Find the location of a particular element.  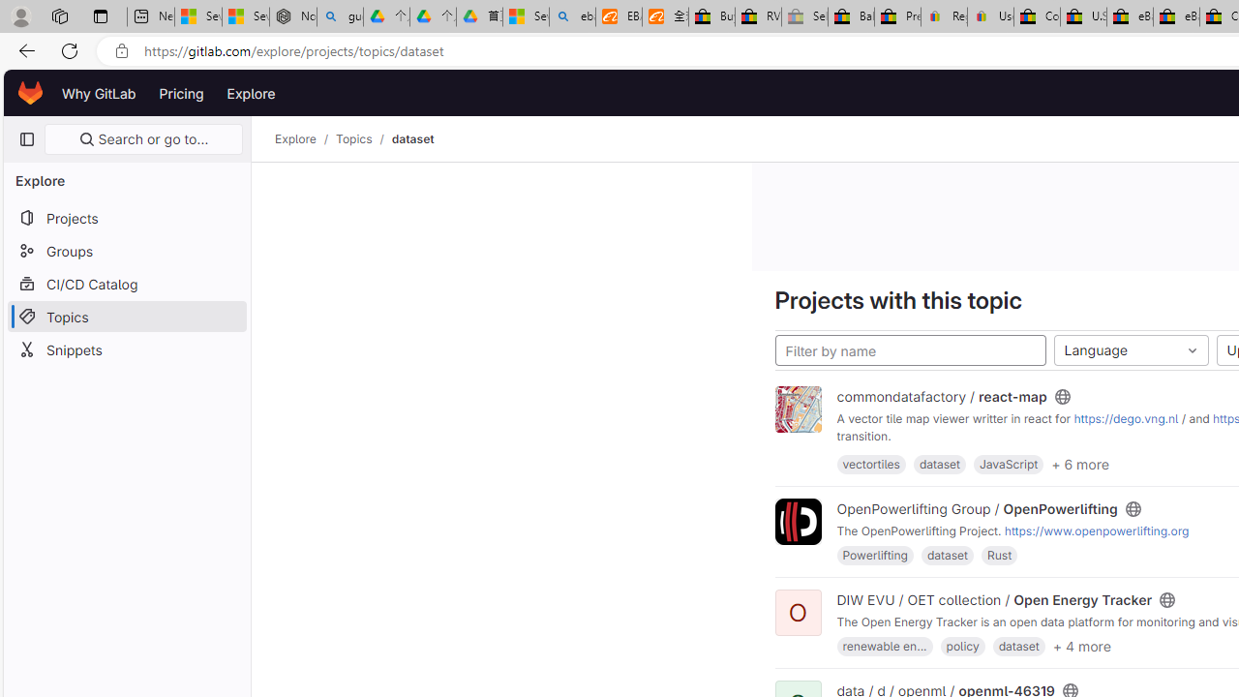

'Refresh' is located at coordinates (70, 49).